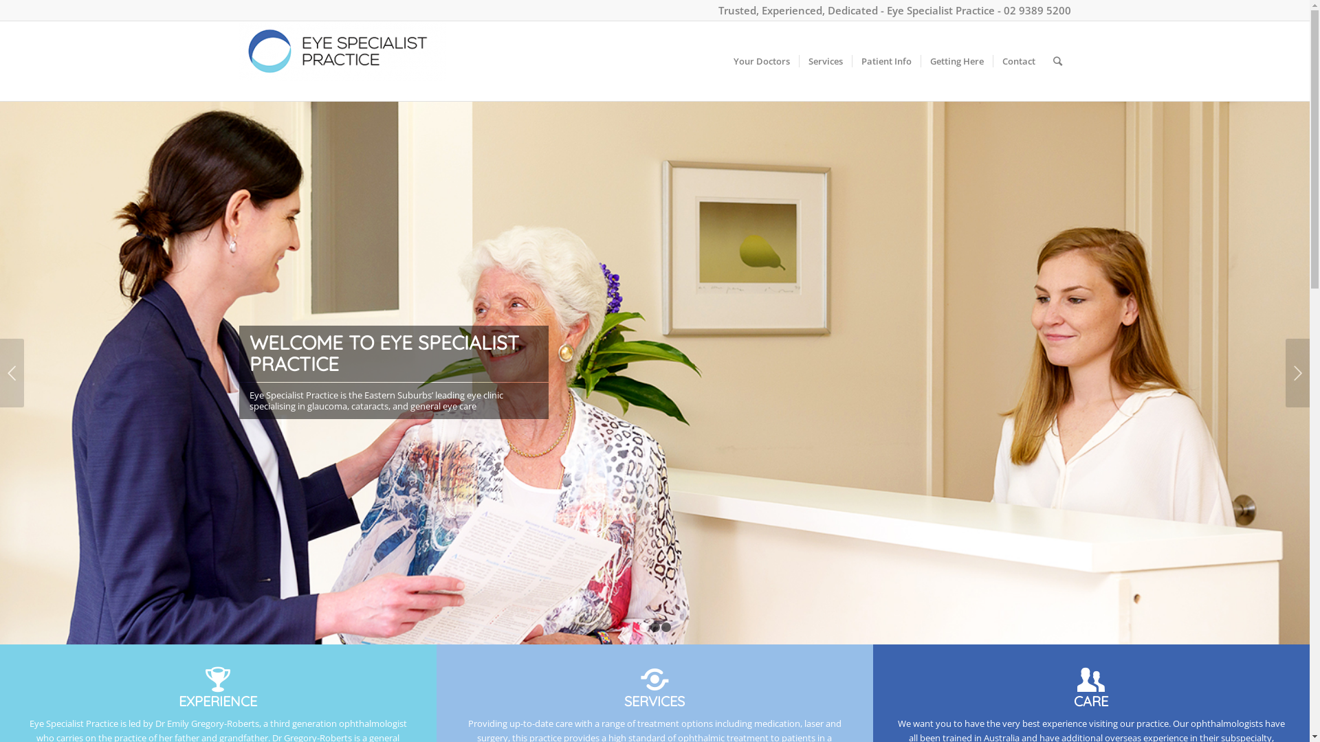 The image size is (1320, 742). What do you see at coordinates (639, 627) in the screenshot?
I see `'1'` at bounding box center [639, 627].